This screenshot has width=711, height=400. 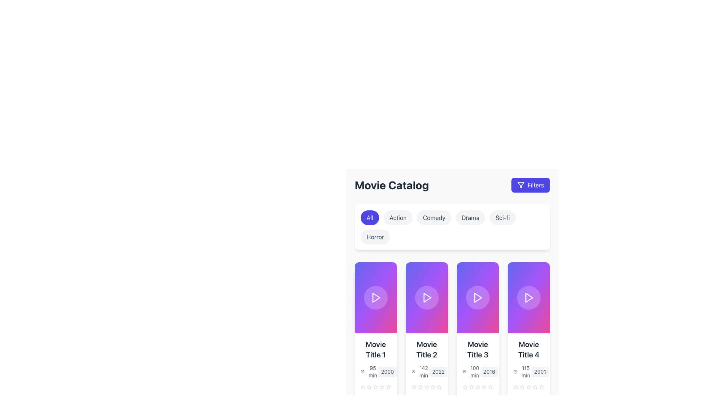 What do you see at coordinates (427, 387) in the screenshot?
I see `the third star icon in the row of five stars for the movie entry titled 'Movie Title 2' in the movie catalog grid` at bounding box center [427, 387].